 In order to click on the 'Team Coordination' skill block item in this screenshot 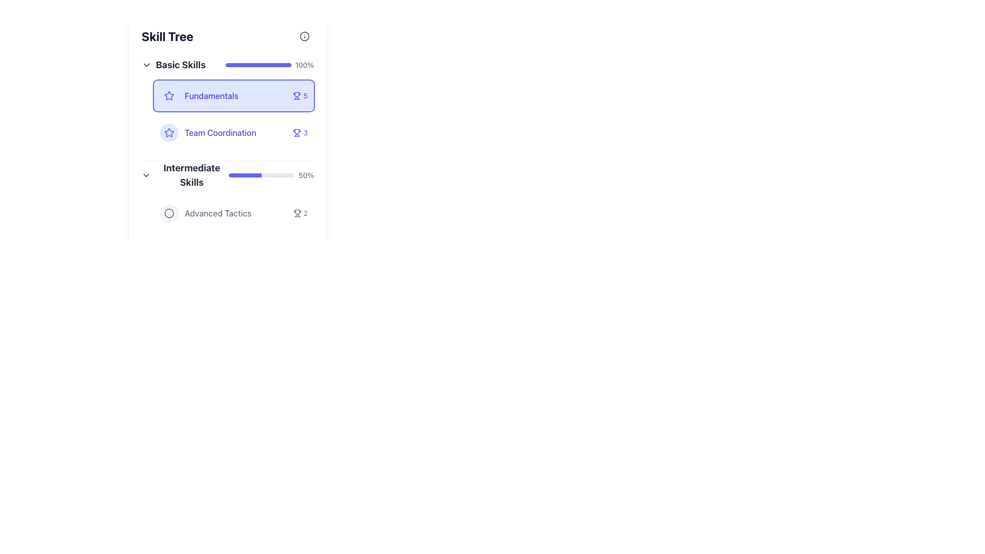, I will do `click(233, 132)`.